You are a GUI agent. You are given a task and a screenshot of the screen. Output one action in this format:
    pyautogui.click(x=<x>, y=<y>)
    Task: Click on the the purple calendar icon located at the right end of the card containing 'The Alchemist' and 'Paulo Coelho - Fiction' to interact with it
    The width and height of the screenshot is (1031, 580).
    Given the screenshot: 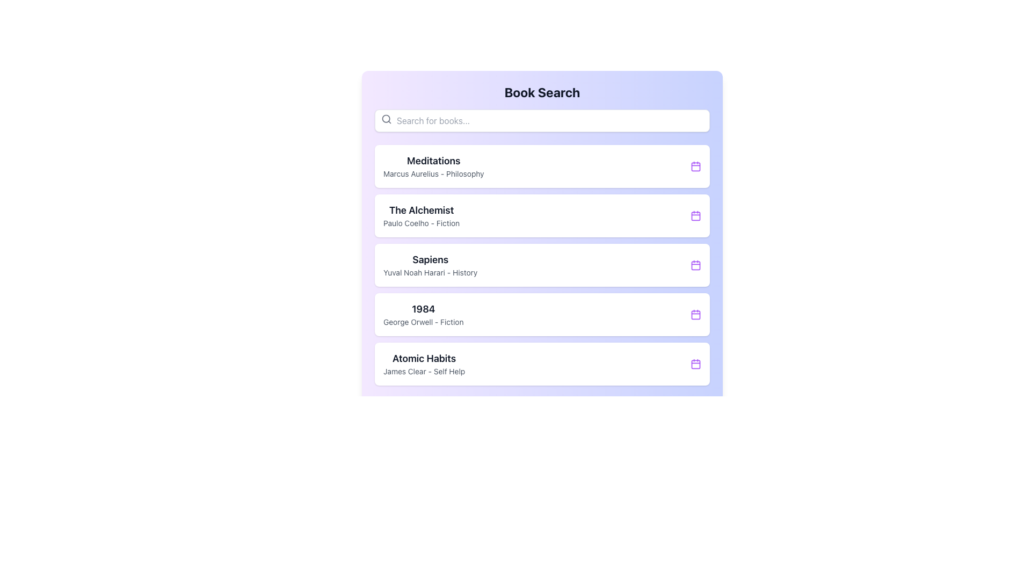 What is the action you would take?
    pyautogui.click(x=696, y=215)
    